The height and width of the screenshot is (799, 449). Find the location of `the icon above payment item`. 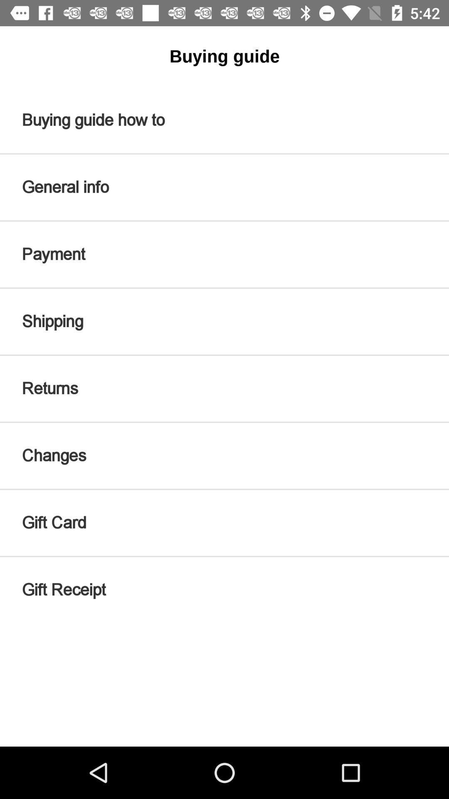

the icon above payment item is located at coordinates (224, 187).